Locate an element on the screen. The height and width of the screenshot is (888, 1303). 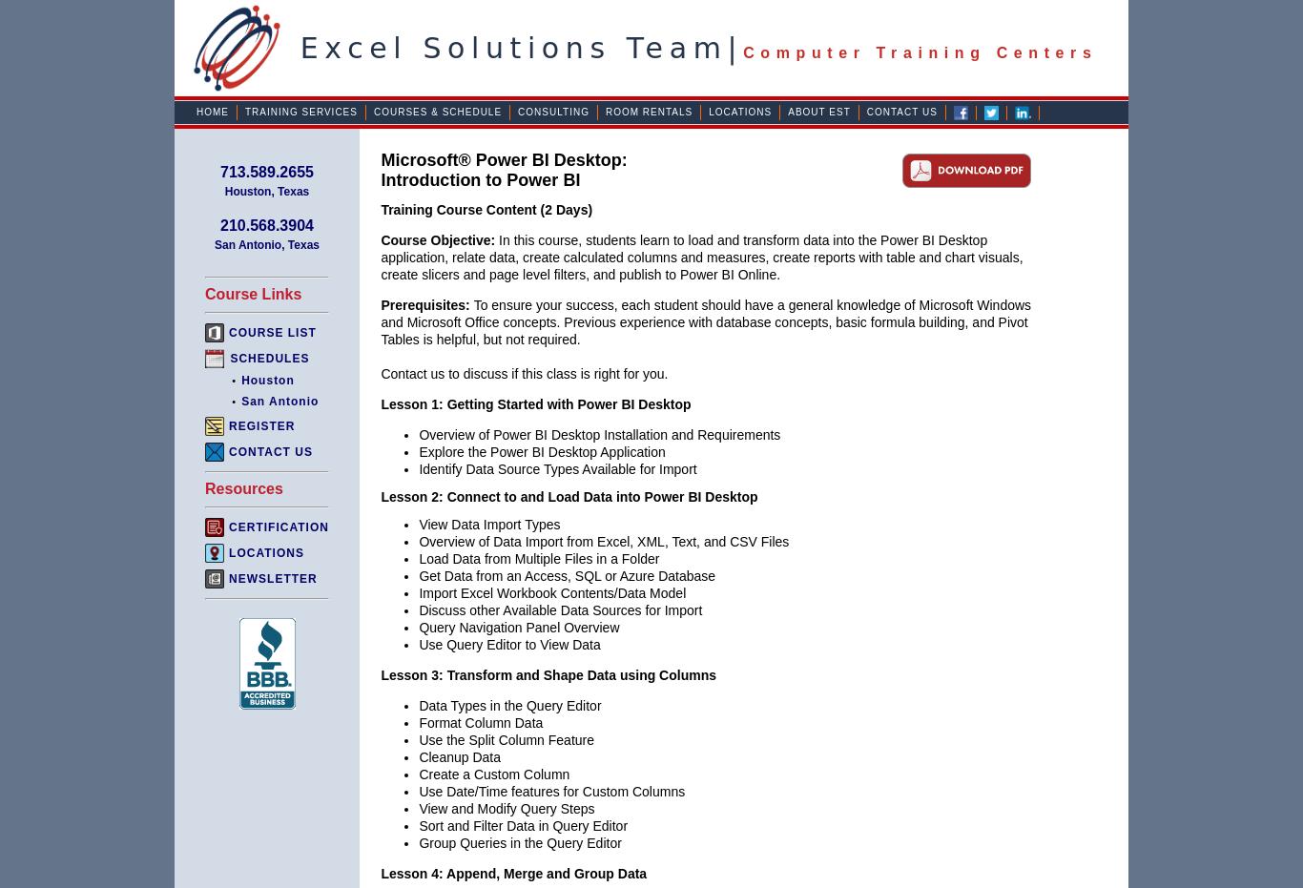
'Home' is located at coordinates (212, 112).